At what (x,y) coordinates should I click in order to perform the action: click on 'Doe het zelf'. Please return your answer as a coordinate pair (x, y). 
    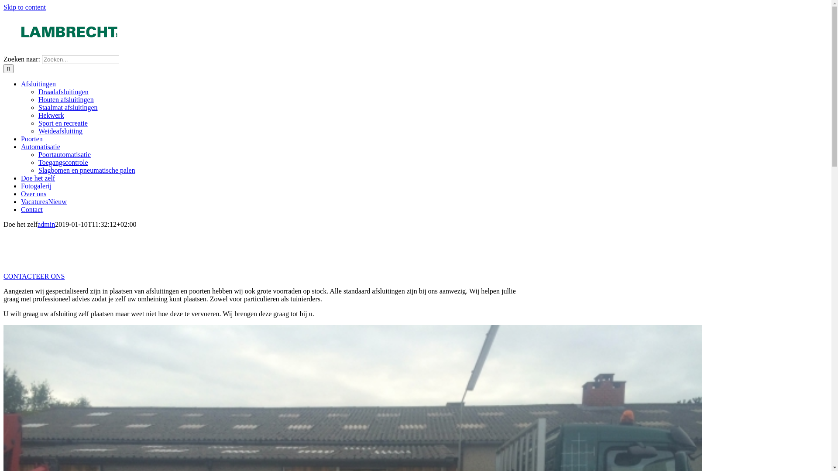
    Looking at the image, I should click on (37, 177).